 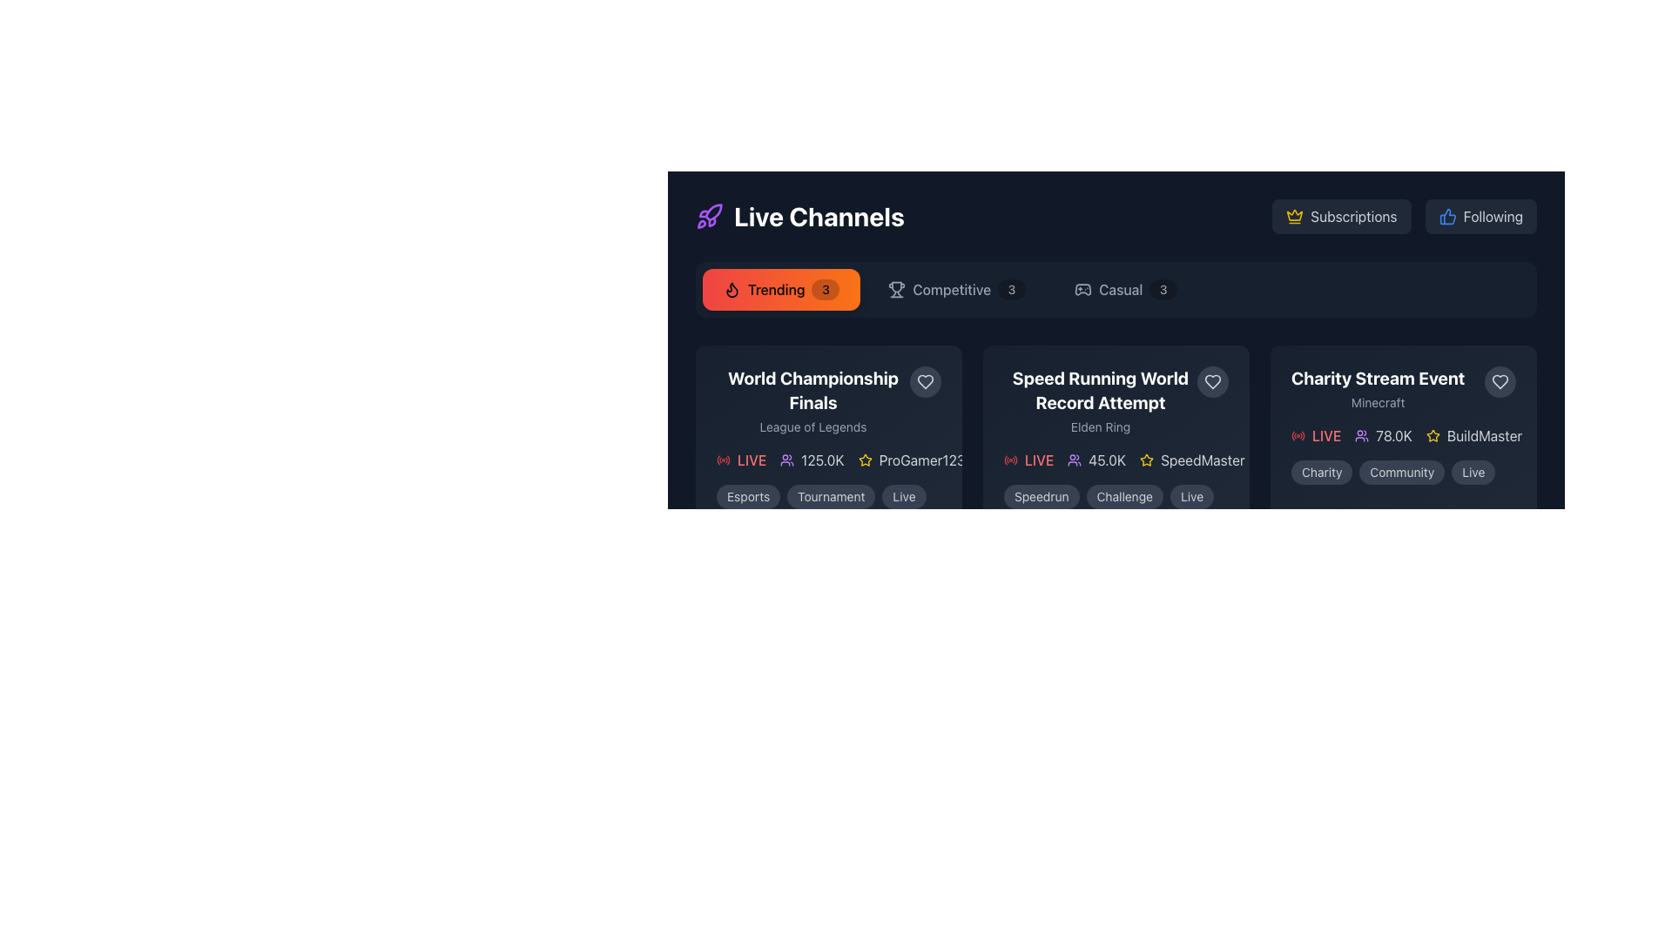 What do you see at coordinates (1500, 381) in the screenshot?
I see `the heart icon located in the upper-right corner of the 'Charity Stream Event' card for accessibility purposes` at bounding box center [1500, 381].